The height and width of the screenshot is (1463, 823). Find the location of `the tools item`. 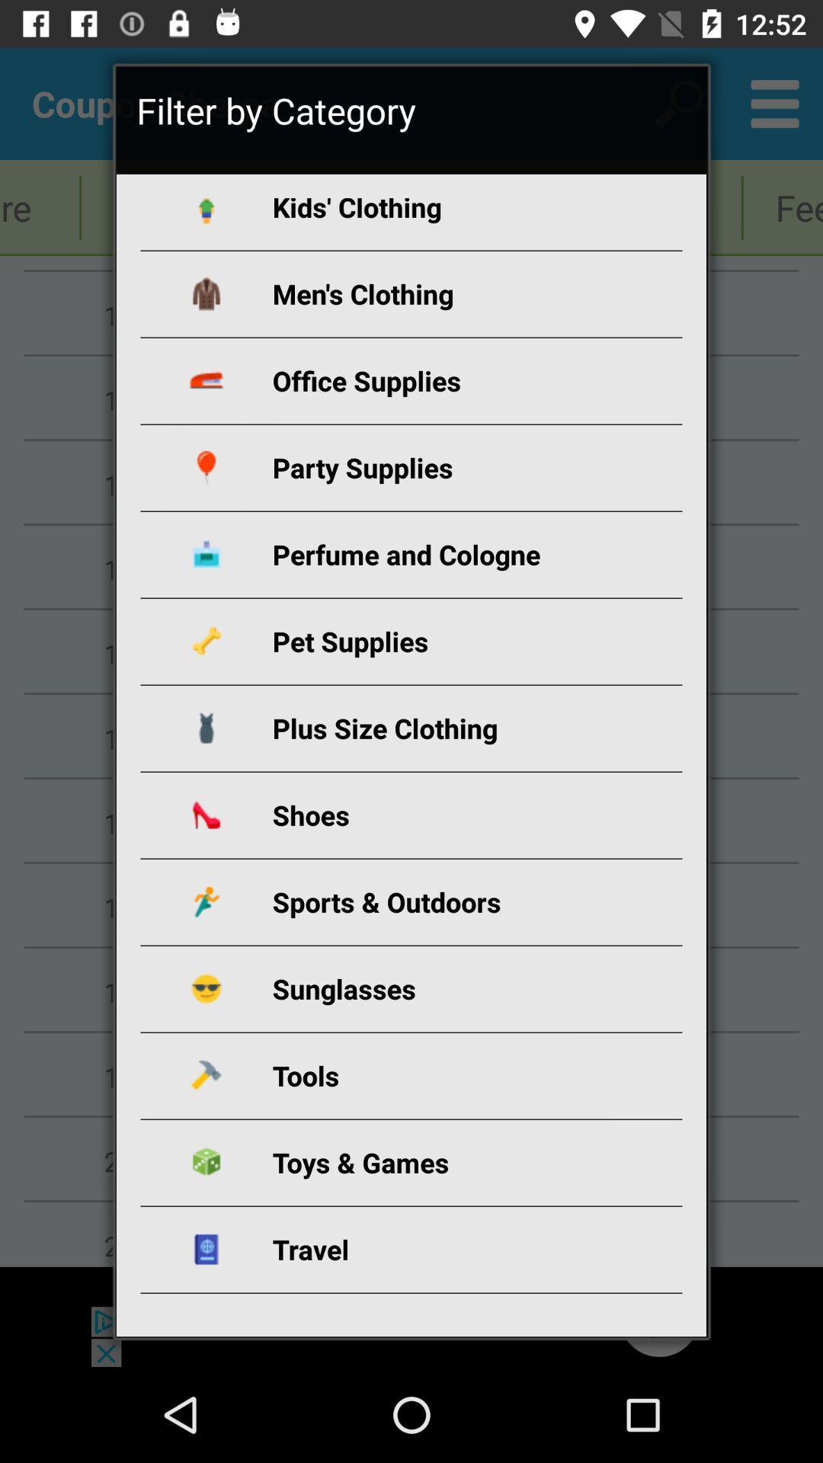

the tools item is located at coordinates (429, 1074).